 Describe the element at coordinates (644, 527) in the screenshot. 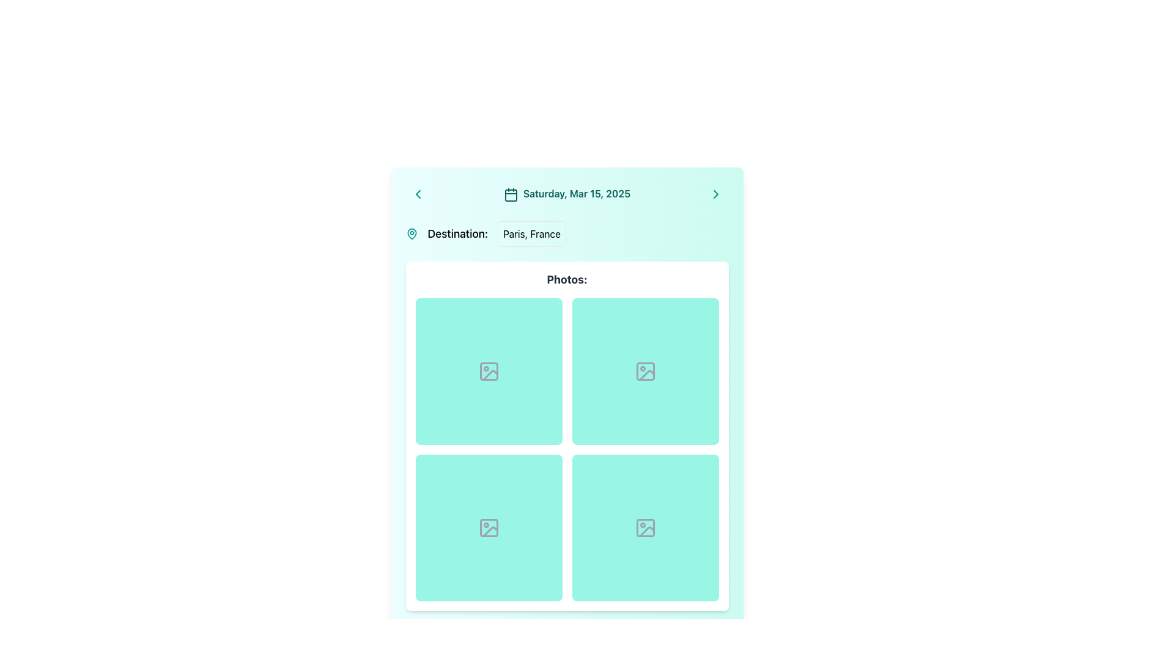

I see `the gray outline icon representing an image in the bottom-right corner of the Photos section` at that location.